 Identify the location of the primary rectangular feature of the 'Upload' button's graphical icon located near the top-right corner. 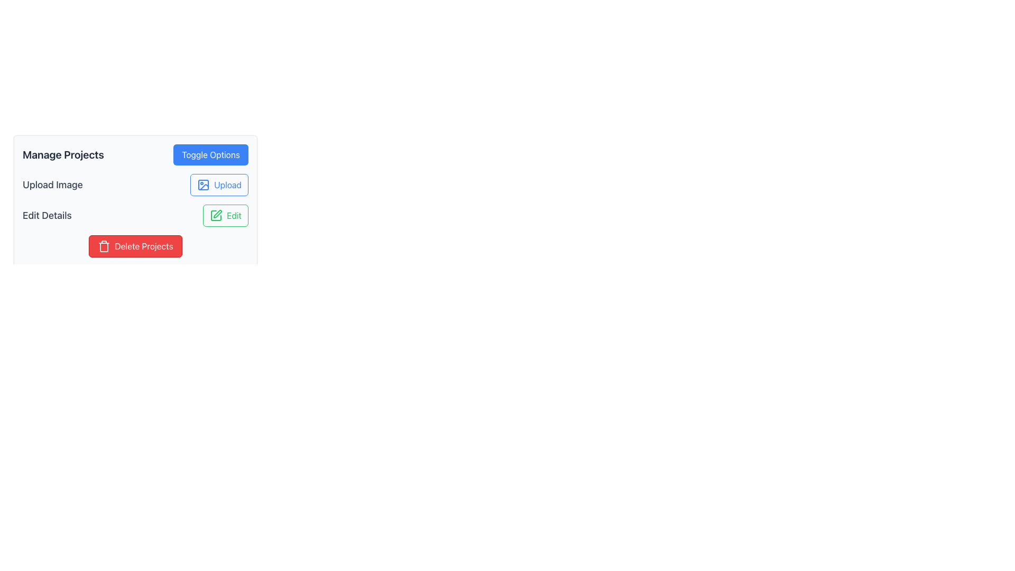
(204, 185).